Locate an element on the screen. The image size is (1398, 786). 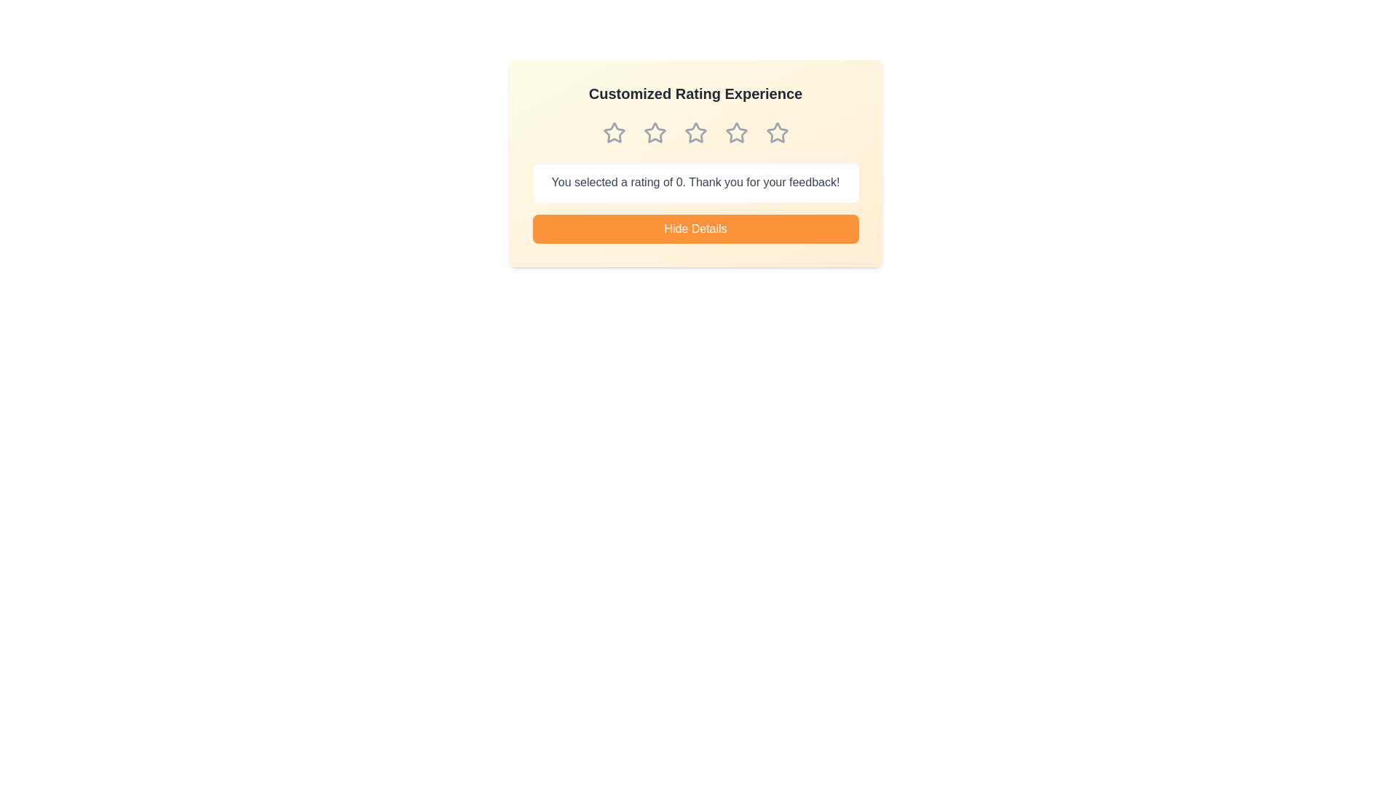
the star corresponding to the desired rating 5 is located at coordinates (776, 132).